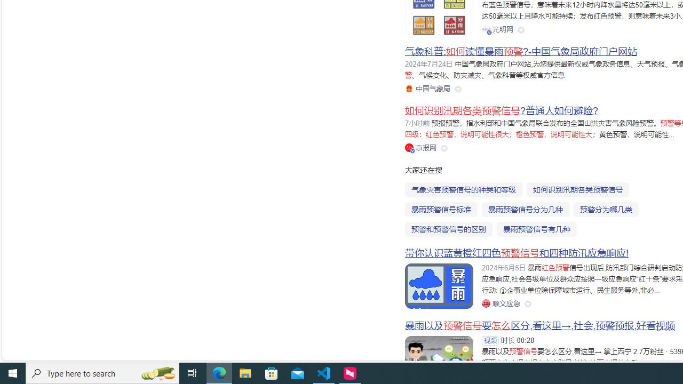 Image resolution: width=683 pixels, height=384 pixels. Describe the element at coordinates (500, 303) in the screenshot. I see `'Class: siteLink_9TPP3'` at that location.